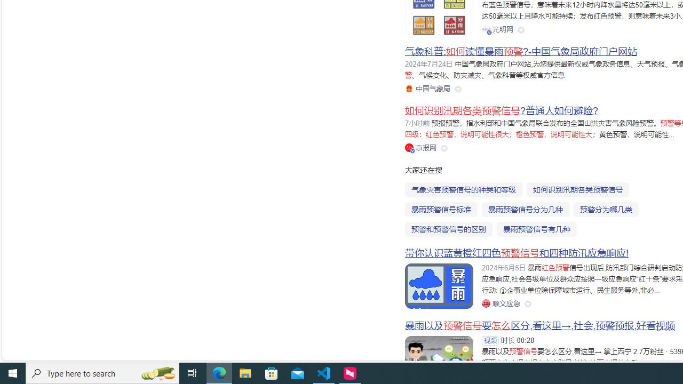 Image resolution: width=683 pixels, height=384 pixels. Describe the element at coordinates (500, 303) in the screenshot. I see `'Class: siteLink_9TPP3'` at that location.